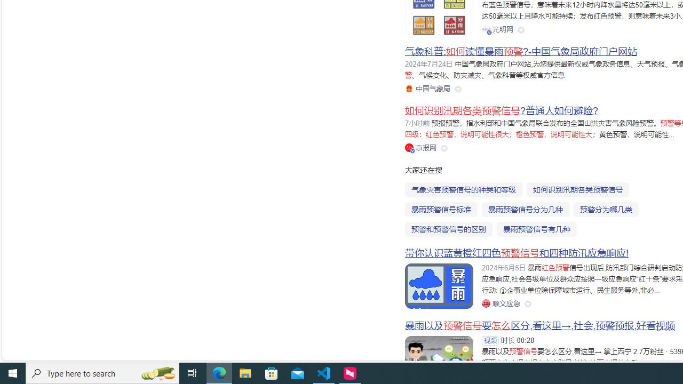 Image resolution: width=683 pixels, height=384 pixels. Describe the element at coordinates (500, 303) in the screenshot. I see `'Class: siteLink_9TPP3'` at that location.